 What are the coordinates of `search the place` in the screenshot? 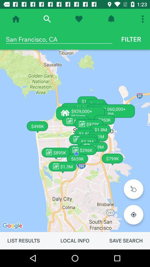 It's located at (47, 19).